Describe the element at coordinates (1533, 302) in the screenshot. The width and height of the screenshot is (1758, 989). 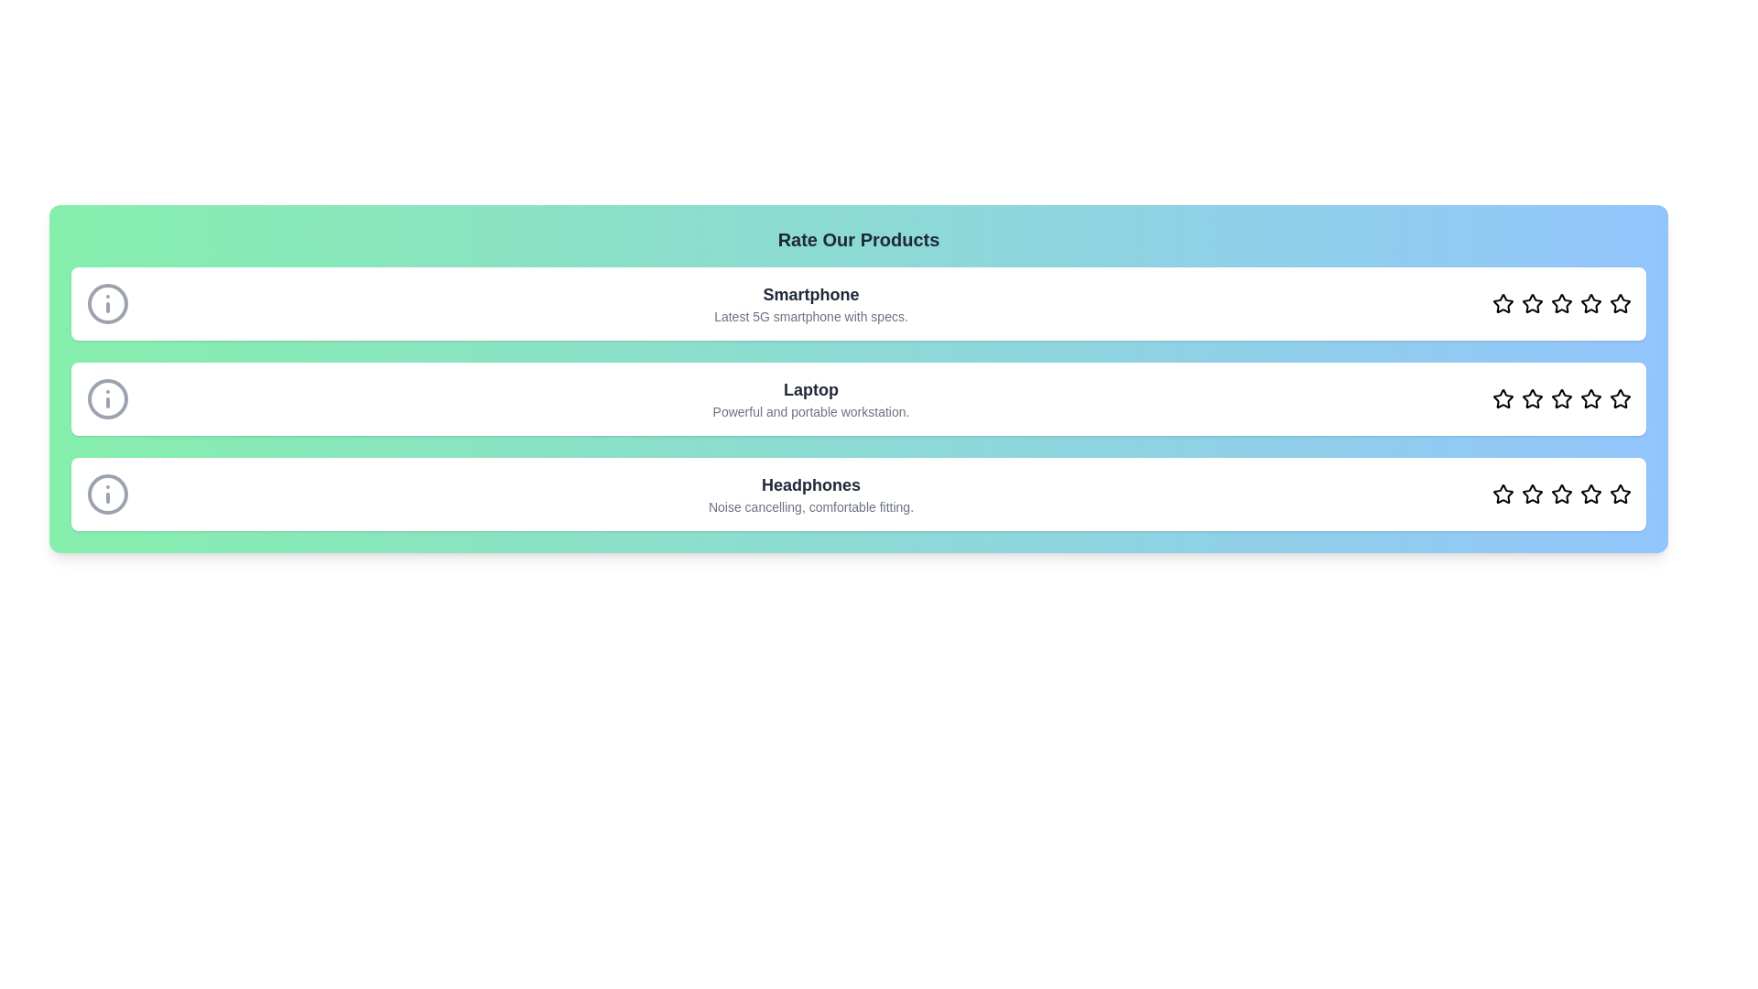
I see `the second star` at that location.